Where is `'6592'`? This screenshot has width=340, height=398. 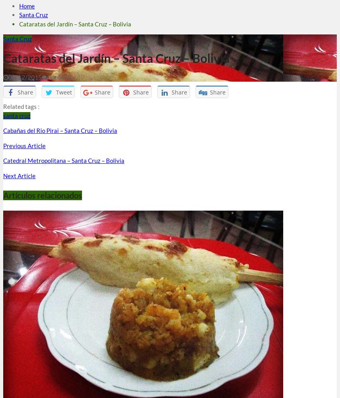 '6592' is located at coordinates (57, 76).